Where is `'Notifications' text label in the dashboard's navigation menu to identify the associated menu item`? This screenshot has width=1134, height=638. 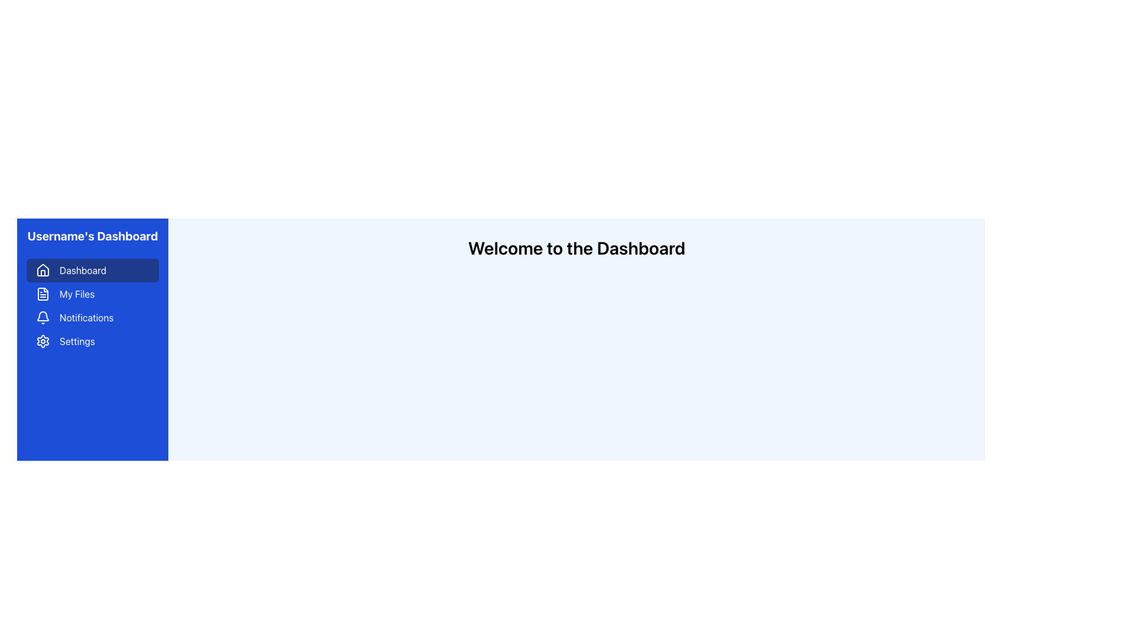
'Notifications' text label in the dashboard's navigation menu to identify the associated menu item is located at coordinates (86, 317).